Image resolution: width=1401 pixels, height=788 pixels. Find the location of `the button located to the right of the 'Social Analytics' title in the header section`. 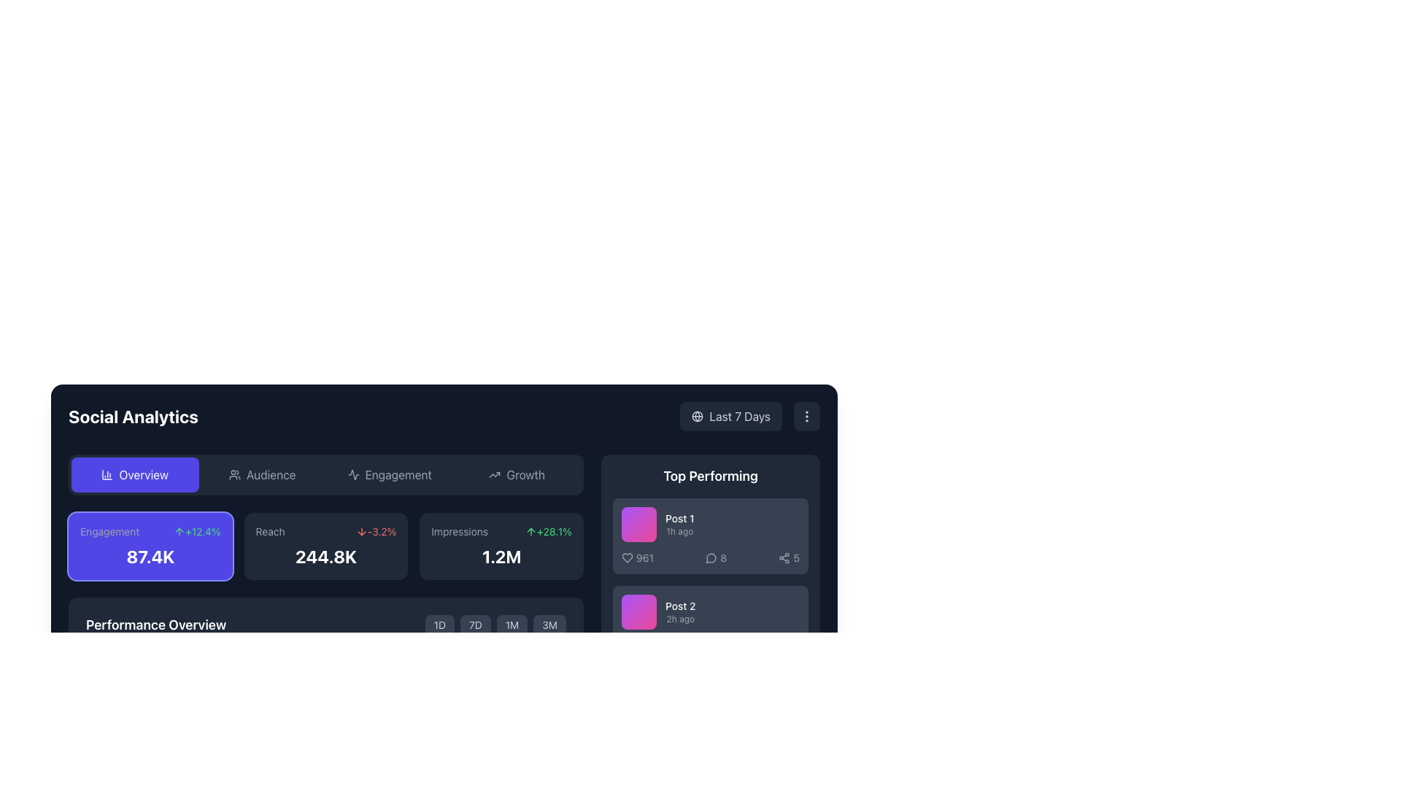

the button located to the right of the 'Social Analytics' title in the header section is located at coordinates (750, 416).